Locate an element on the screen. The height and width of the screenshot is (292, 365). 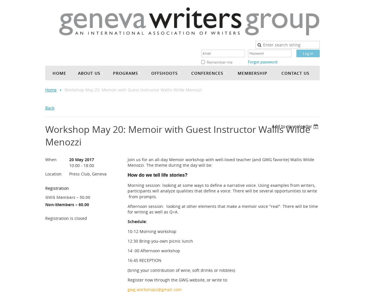
'Contact us' is located at coordinates (281, 72).